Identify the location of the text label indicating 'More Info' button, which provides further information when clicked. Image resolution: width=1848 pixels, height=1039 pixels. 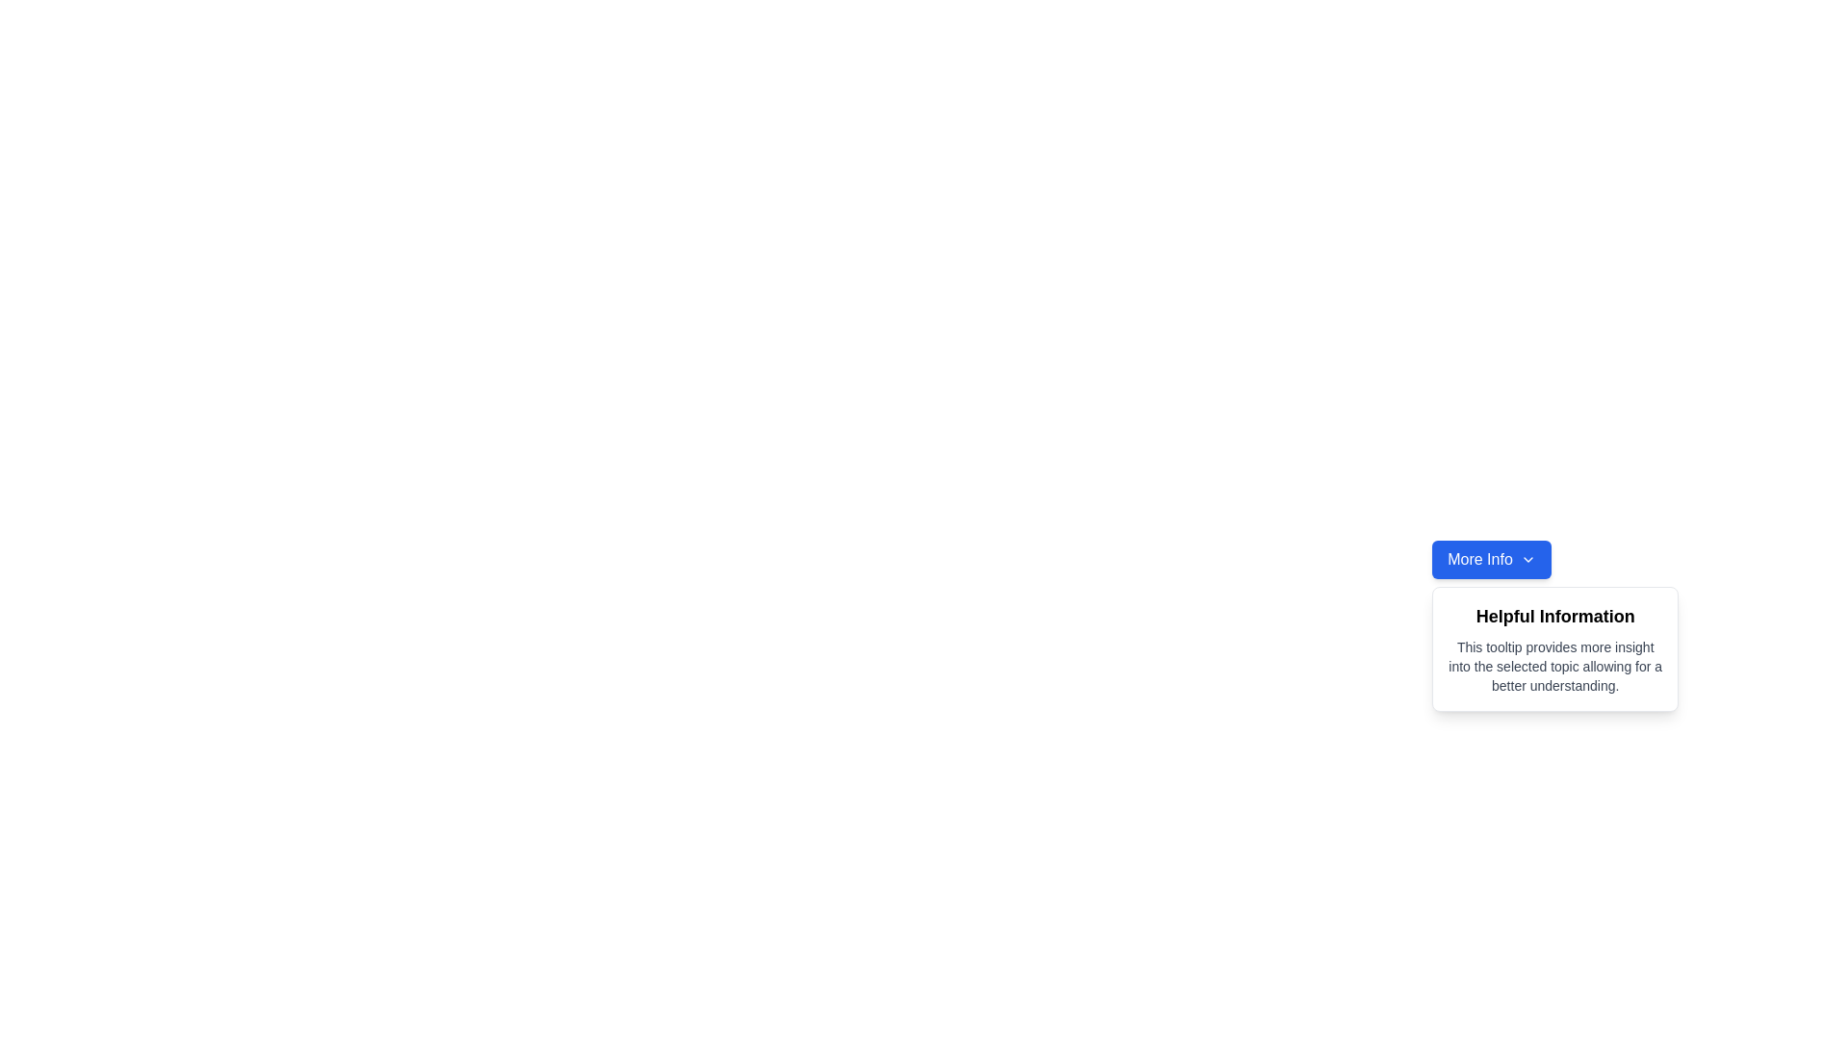
(1478, 560).